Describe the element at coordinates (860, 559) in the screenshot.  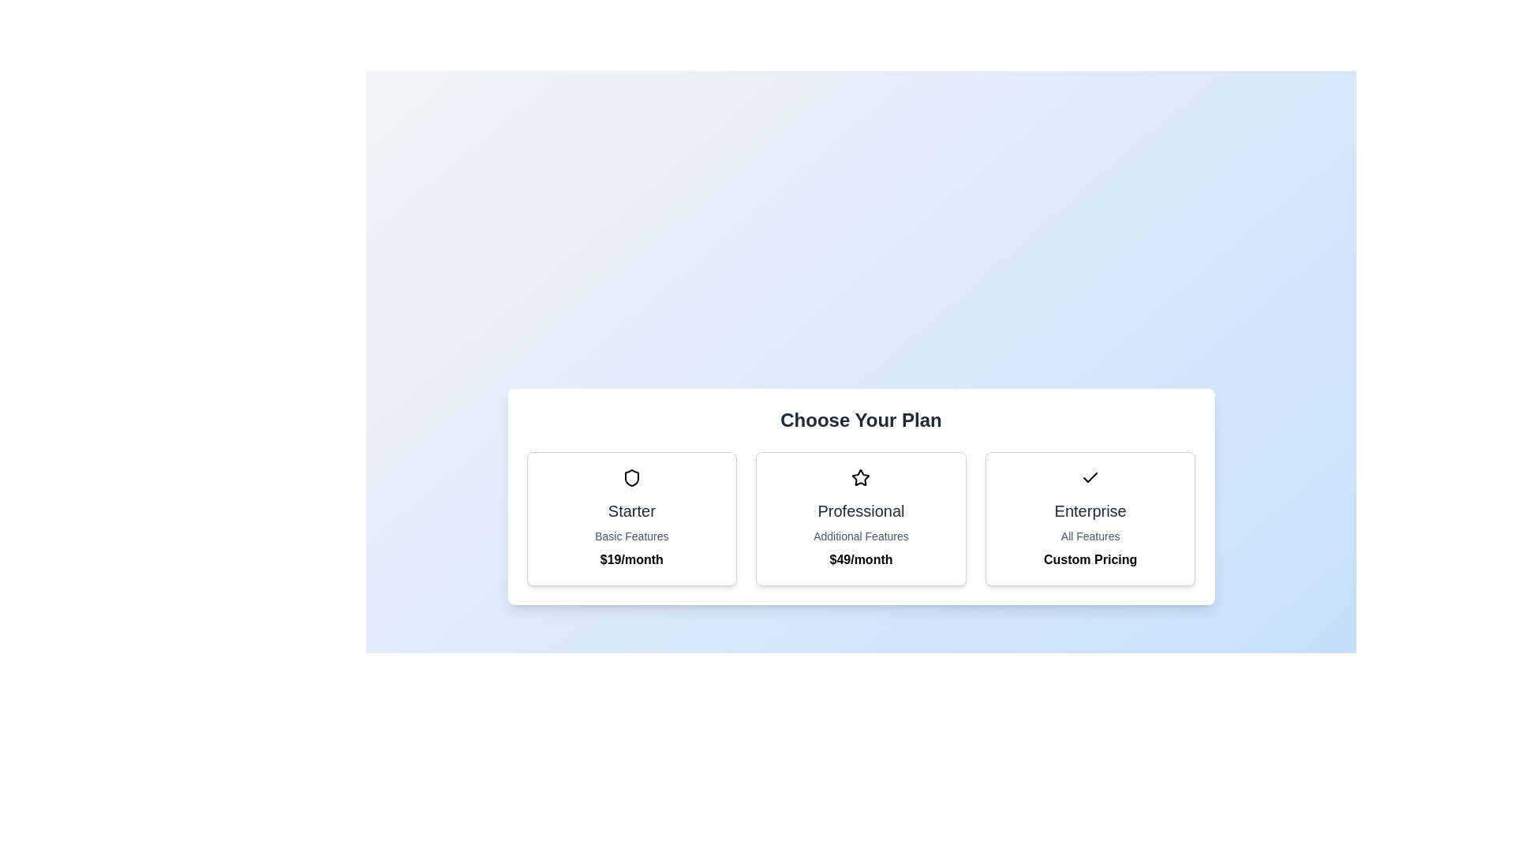
I see `the text label that displays the pricing information for the 'Professional' plan, located beneath the subtitle 'Additional Features' within its card` at that location.